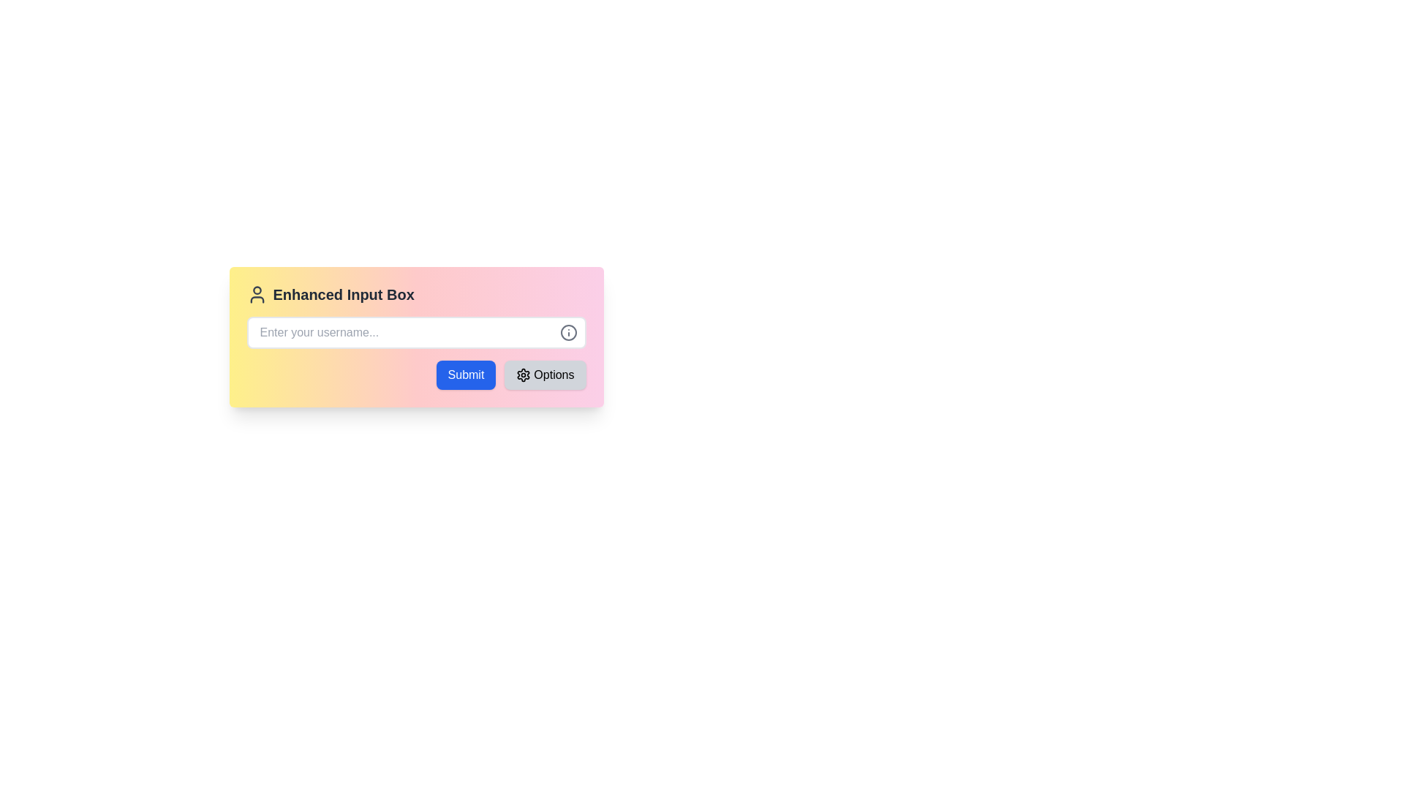 The width and height of the screenshot is (1404, 790). What do you see at coordinates (343, 294) in the screenshot?
I see `heading text located in the upper-left part of the form, positioned directly to the right of an adjacent icon` at bounding box center [343, 294].